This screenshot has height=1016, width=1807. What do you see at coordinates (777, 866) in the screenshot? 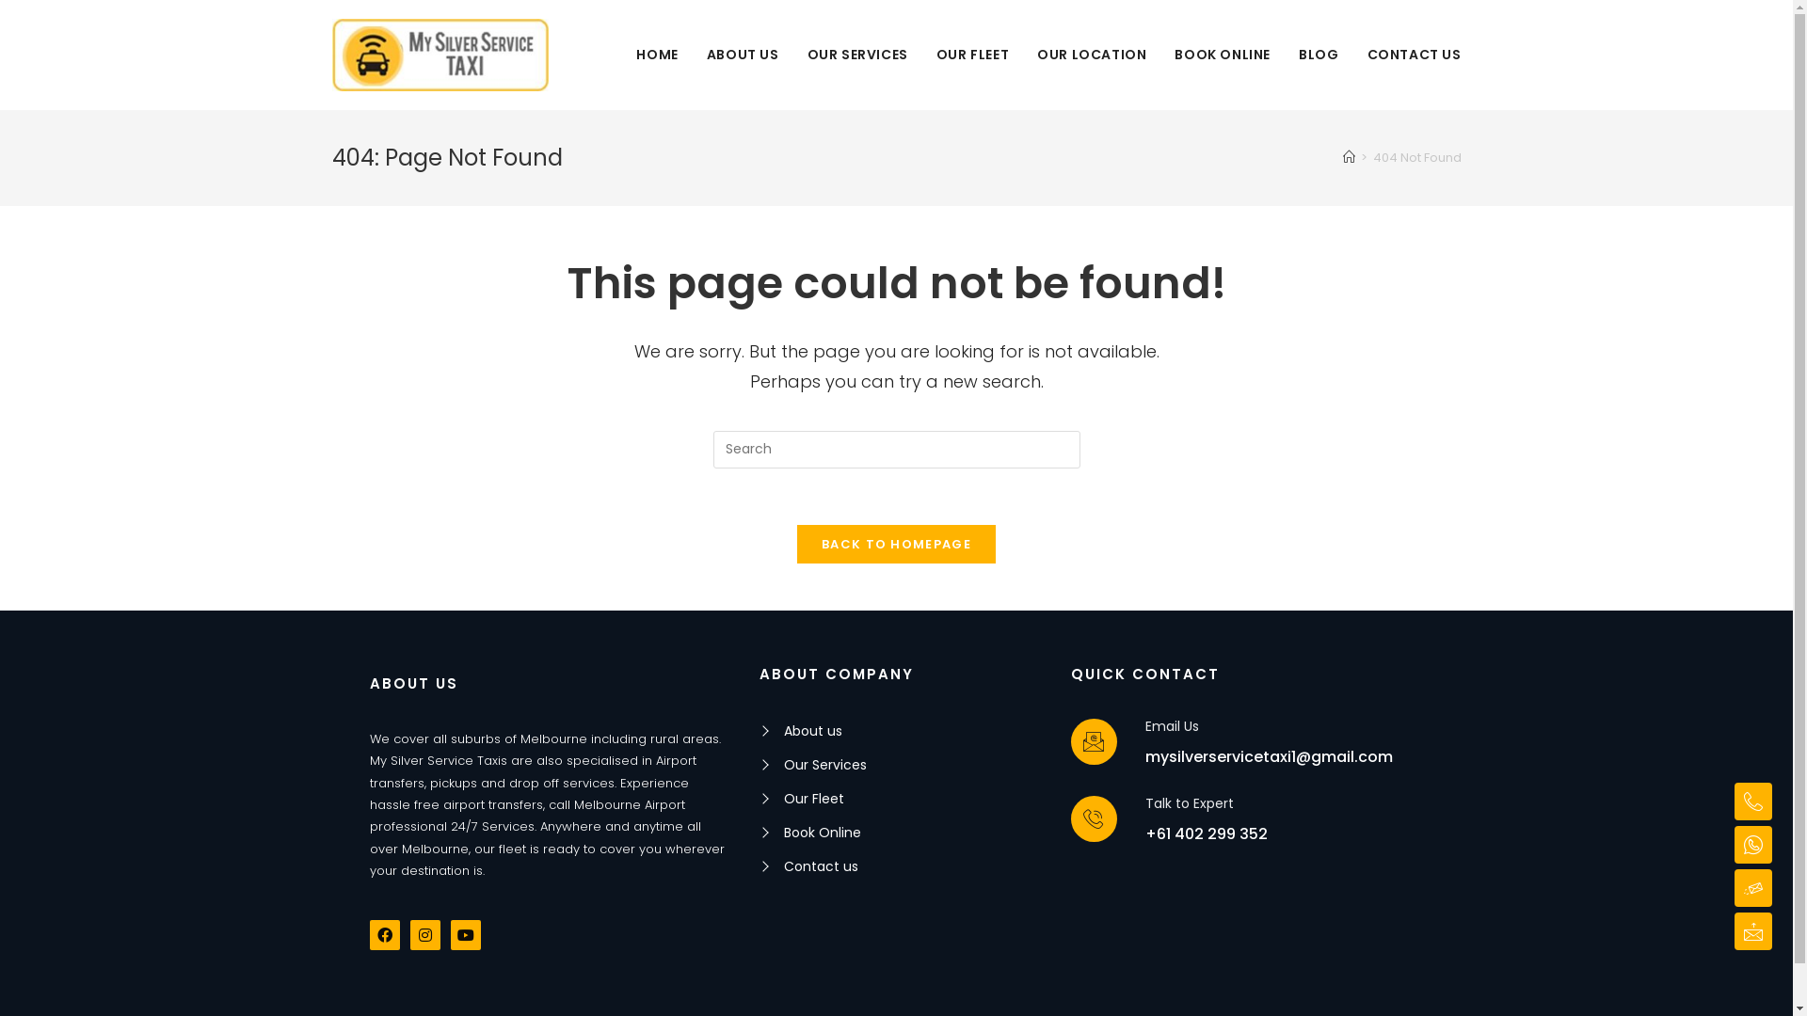
I see `'Contact us'` at bounding box center [777, 866].